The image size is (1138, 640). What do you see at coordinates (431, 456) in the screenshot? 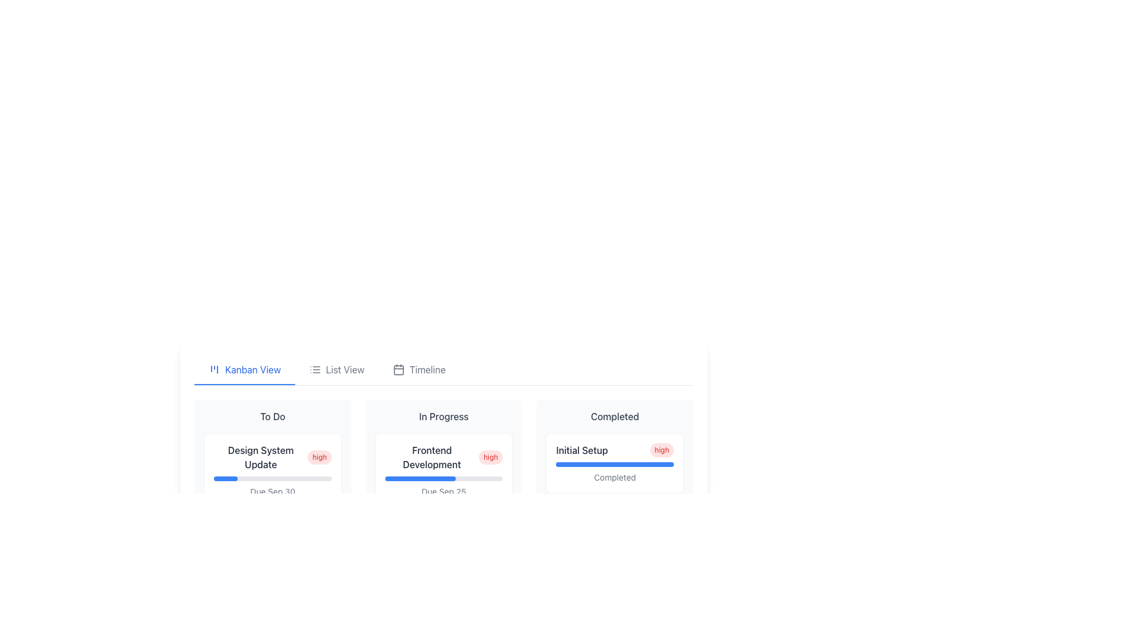
I see `the static text display showing 'Frontend Development' in the 'In Progress' column of the Kanban view` at bounding box center [431, 456].